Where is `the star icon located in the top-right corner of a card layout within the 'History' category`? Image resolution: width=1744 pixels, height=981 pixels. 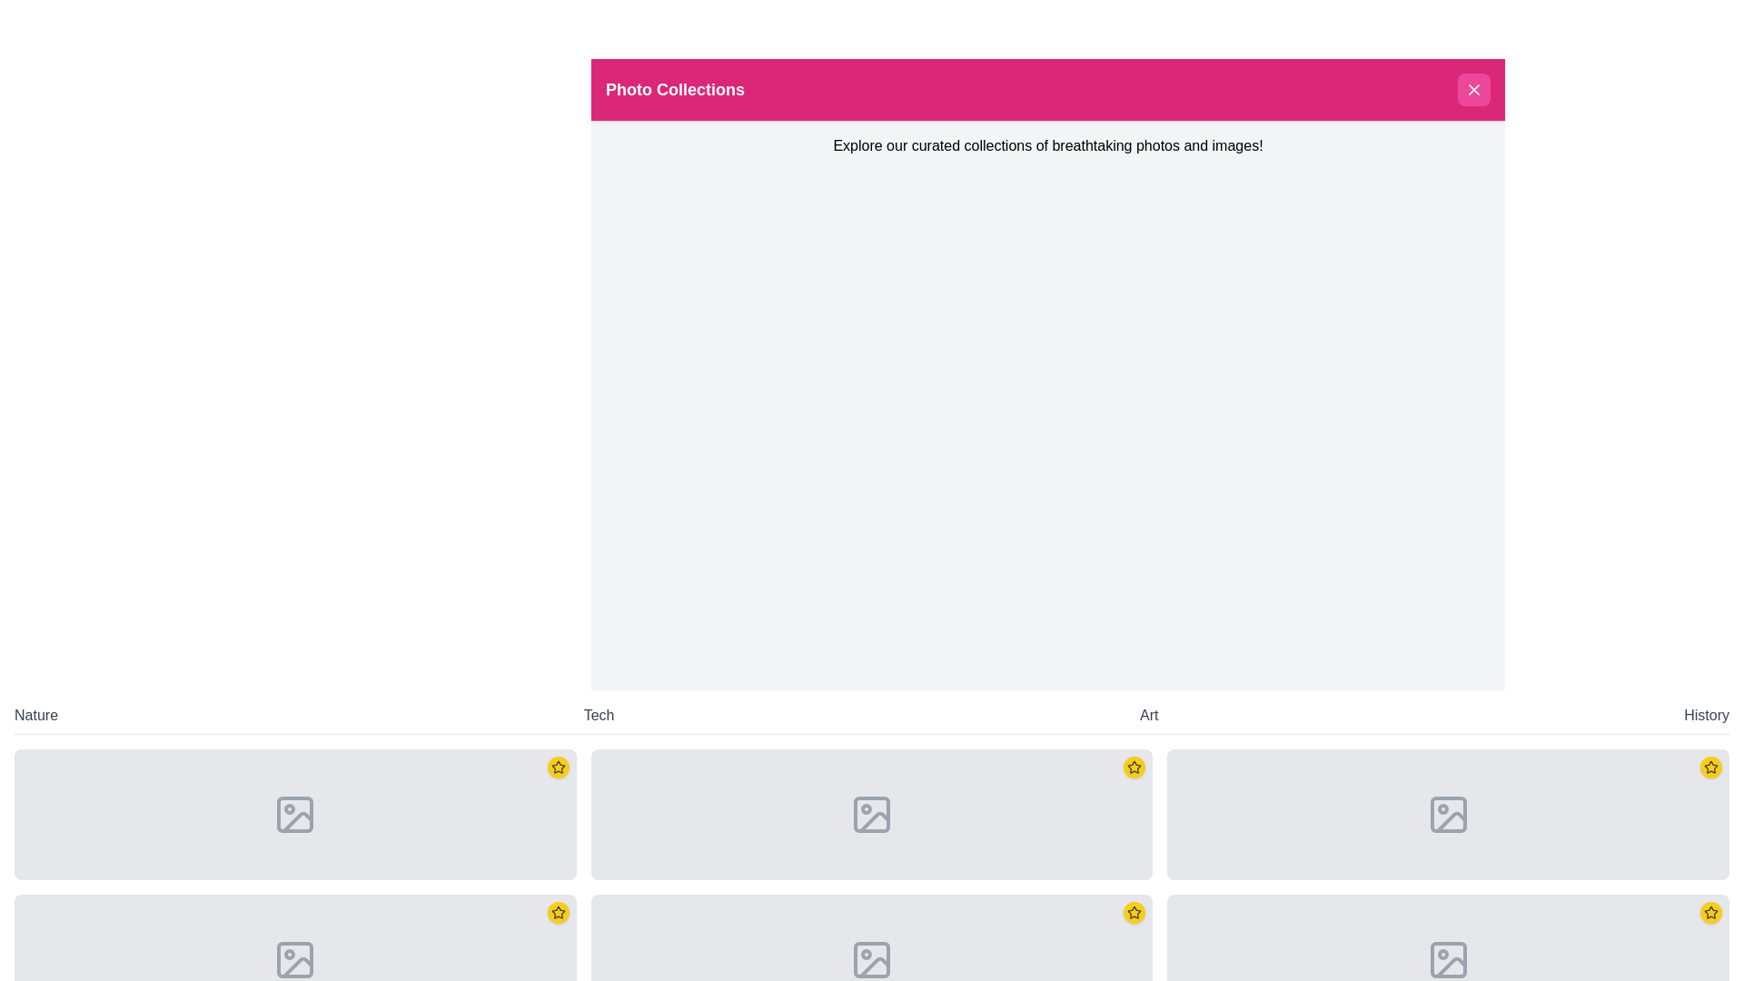
the star icon located in the top-right corner of a card layout within the 'History' category is located at coordinates (1709, 767).